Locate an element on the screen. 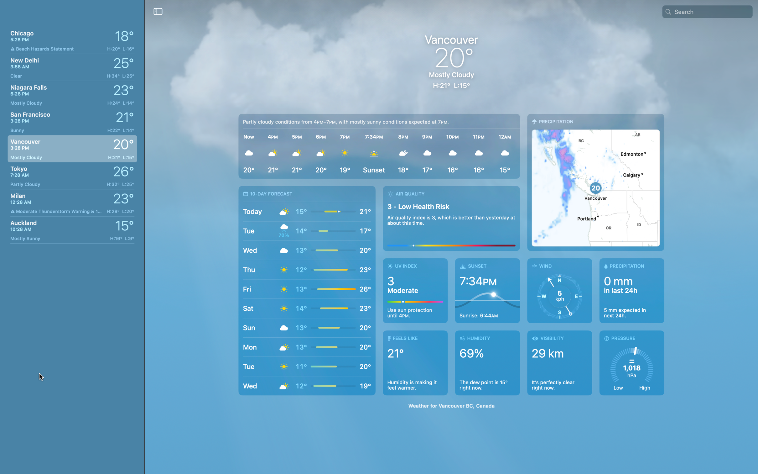 The image size is (758, 474). Check the Ultraviolet Index in Vancouver is located at coordinates (415, 290).